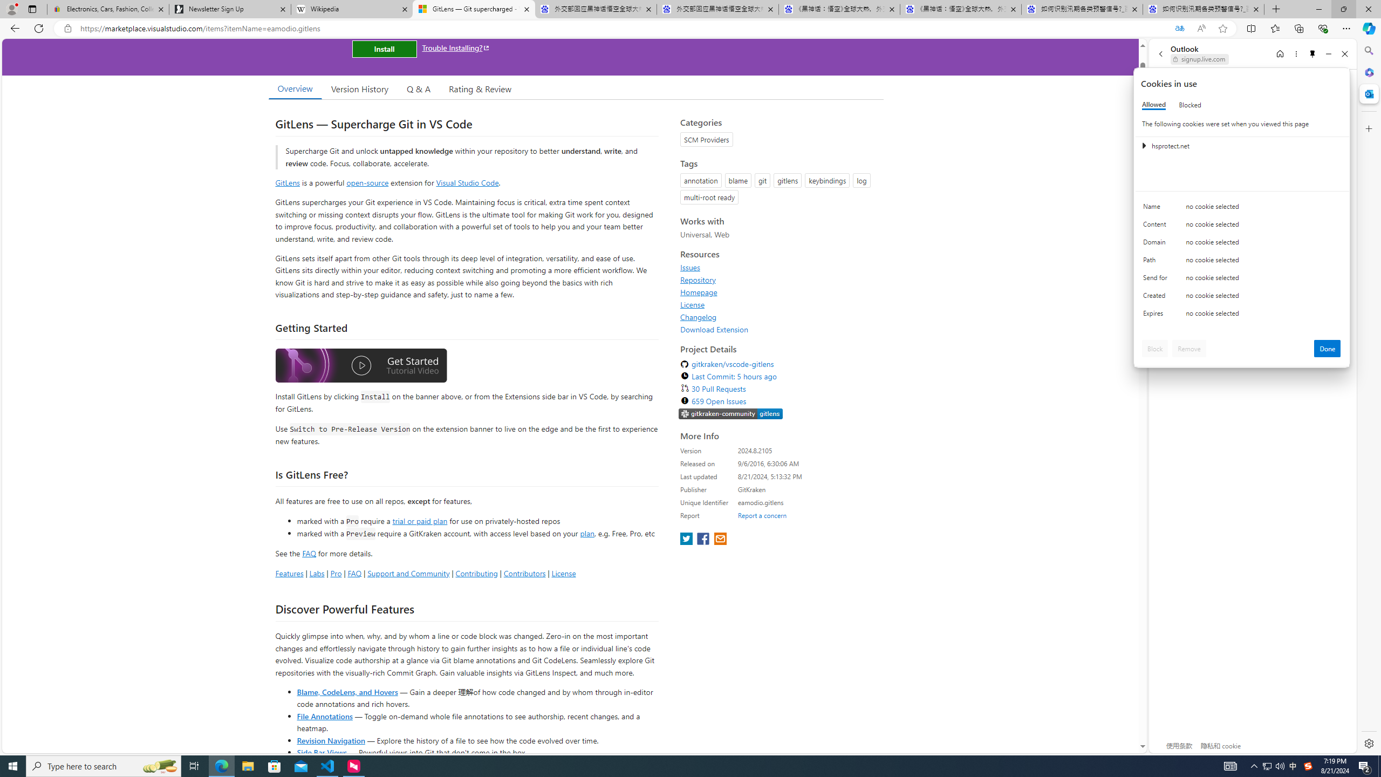  I want to click on 'Class: c0153 c0157 c0154', so click(1242, 209).